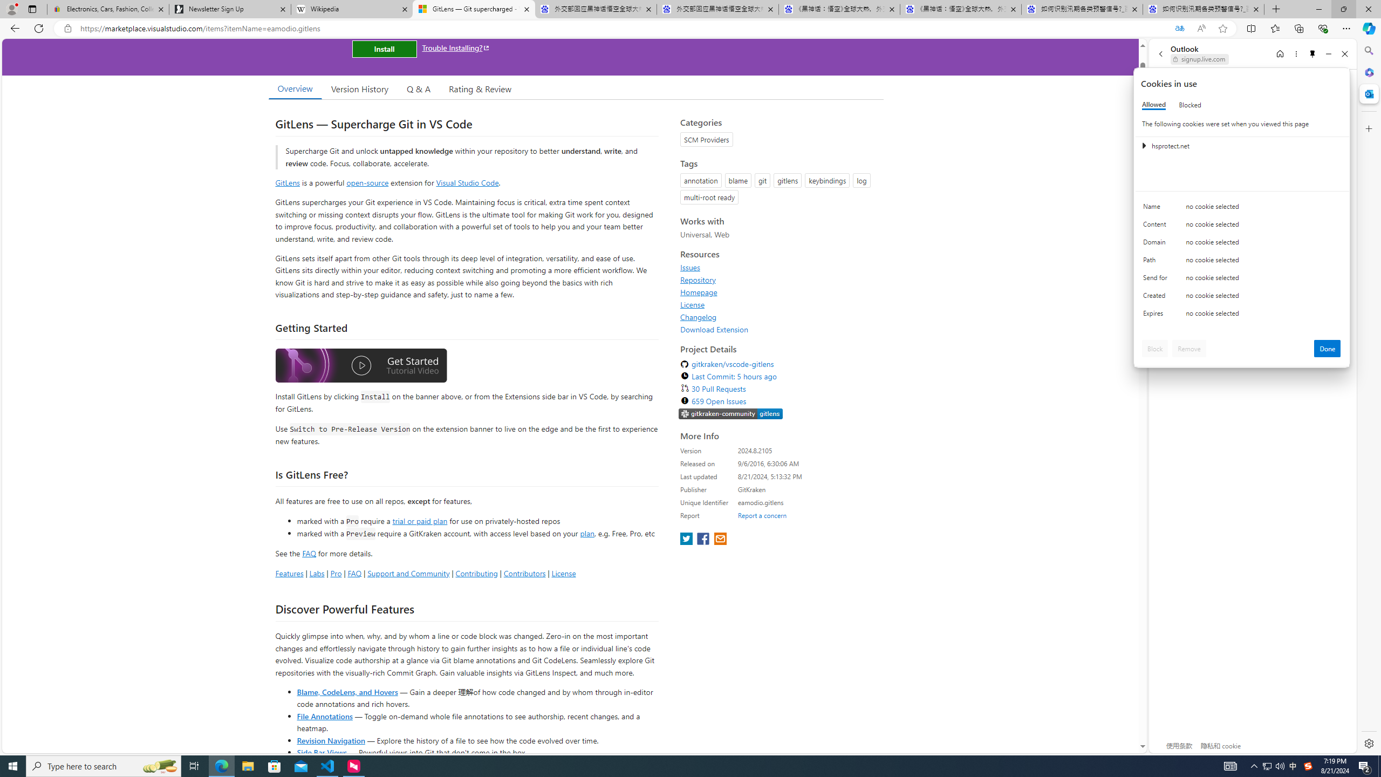  I want to click on 'Class: c0153 c0157 c0154', so click(1242, 209).